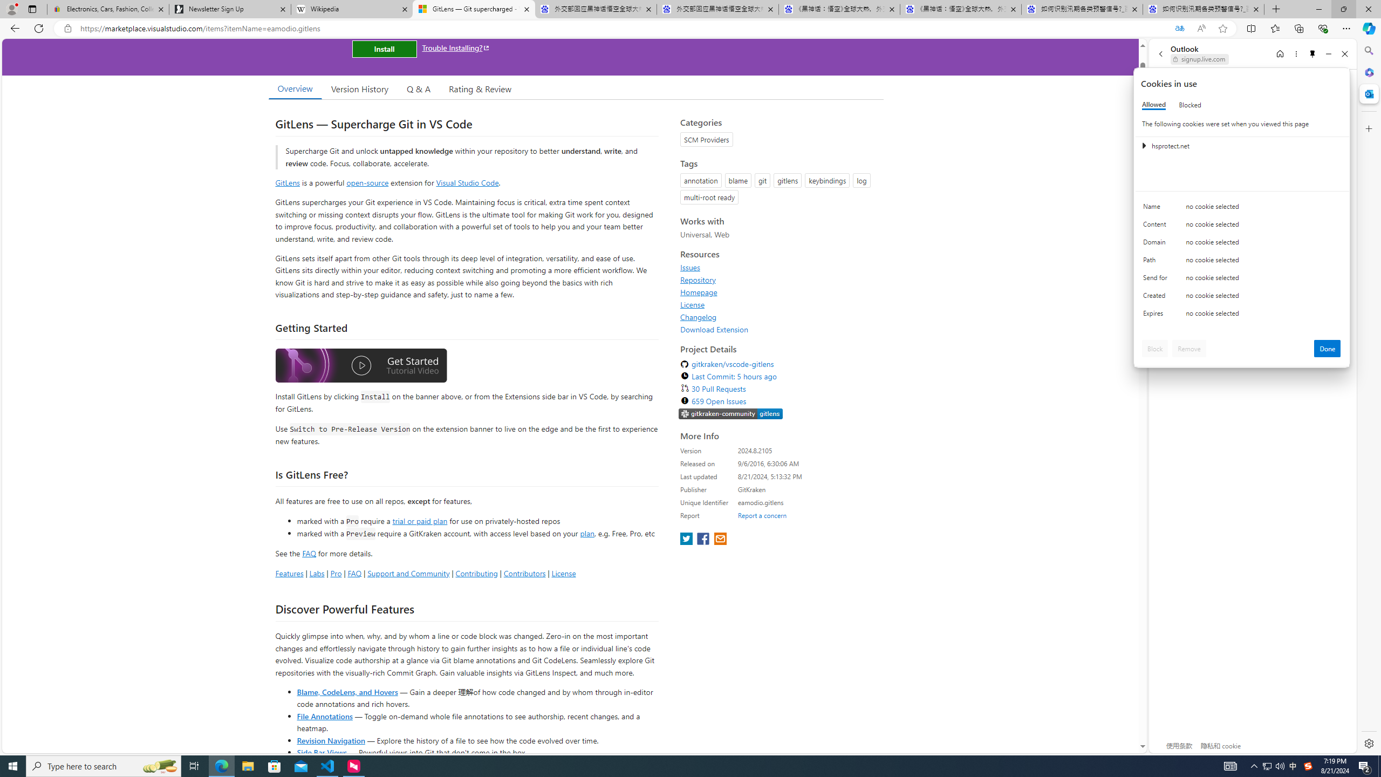  I want to click on 'Class: c0153 c0157 c0154', so click(1242, 209).